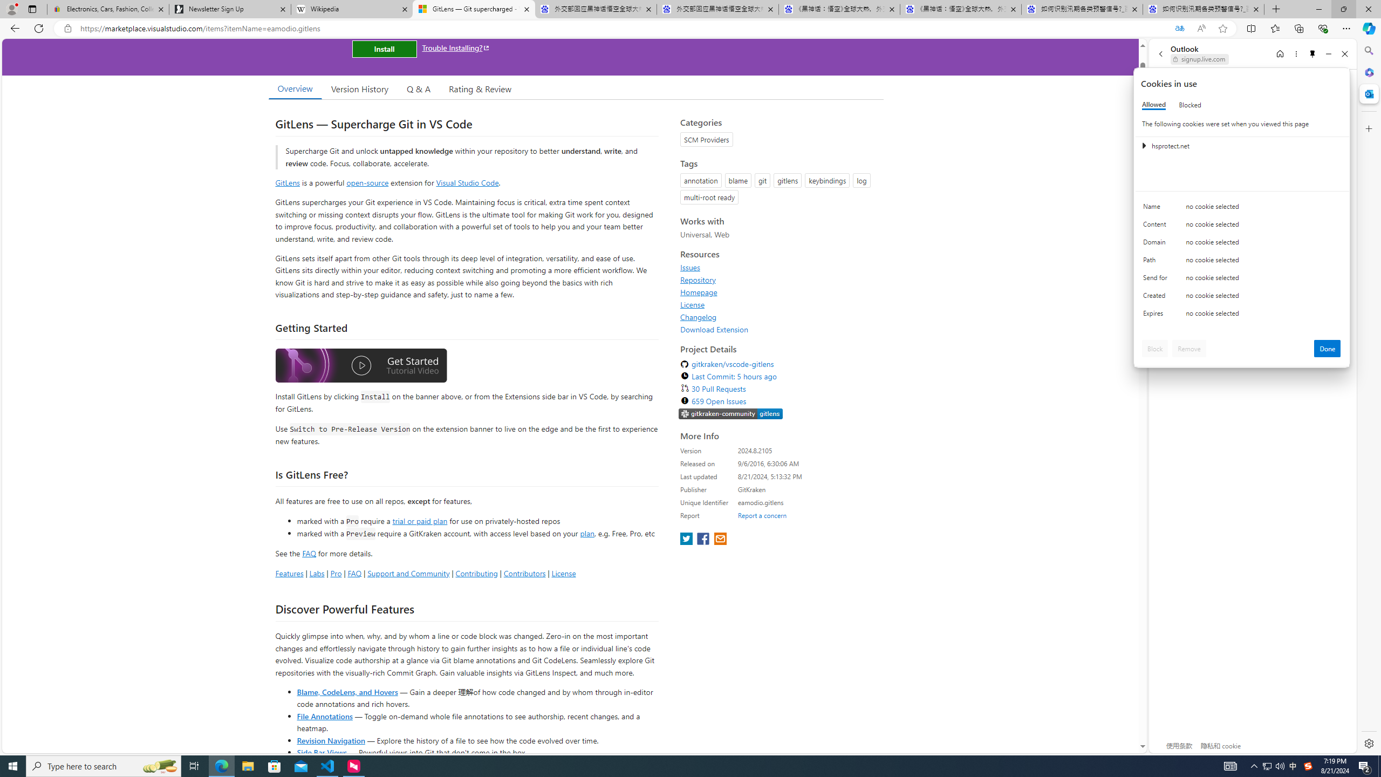  I want to click on 'Class: c0153 c0157 c0154', so click(1242, 209).